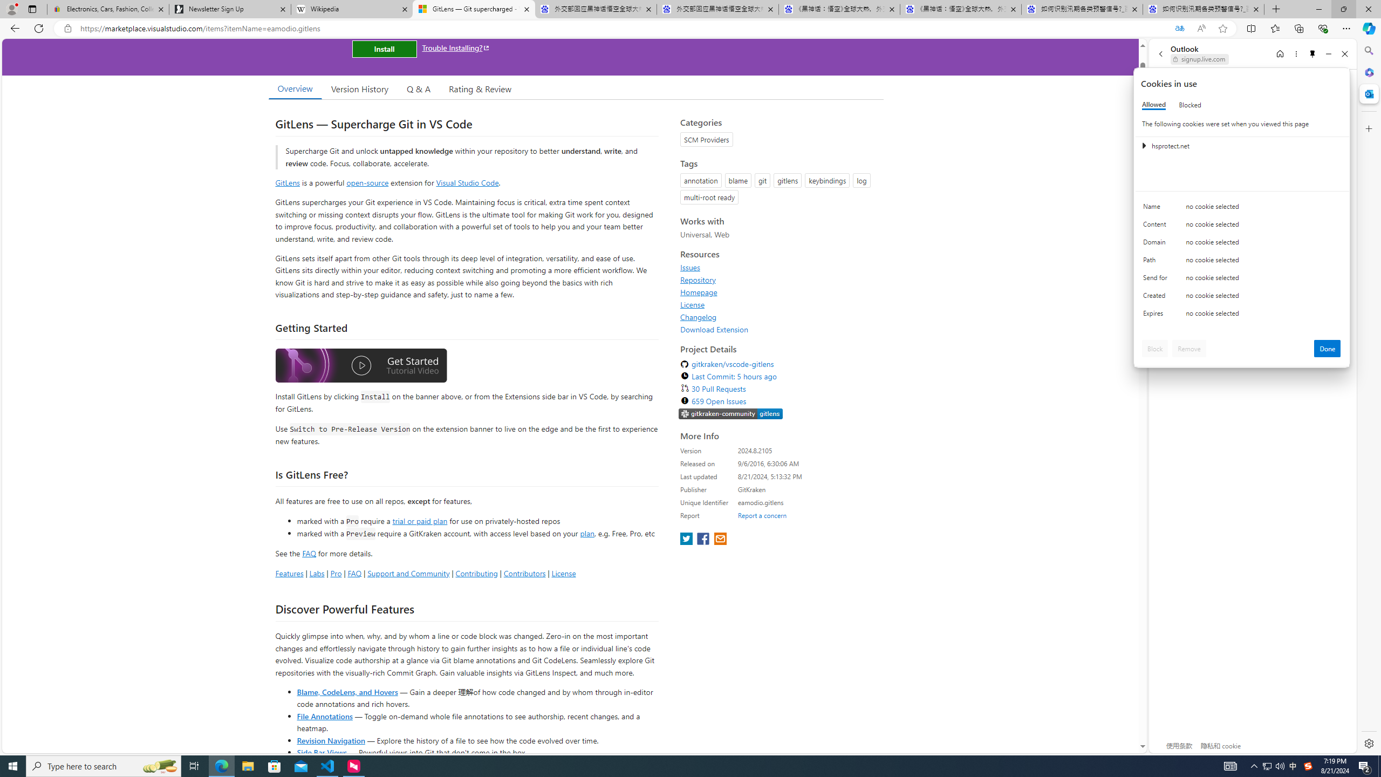  I want to click on 'Class: c0153 c0157 c0154', so click(1242, 209).